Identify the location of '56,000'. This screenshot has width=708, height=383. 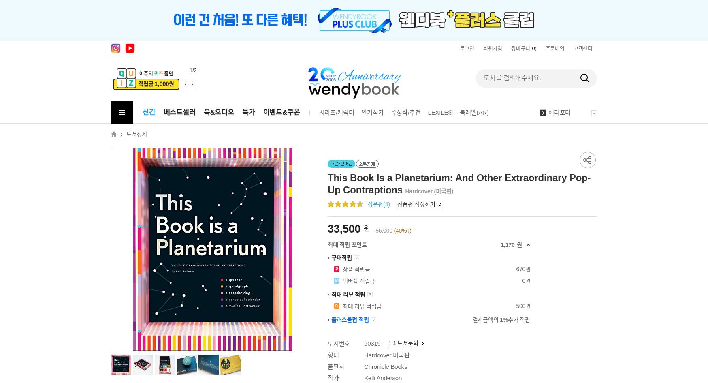
(383, 230).